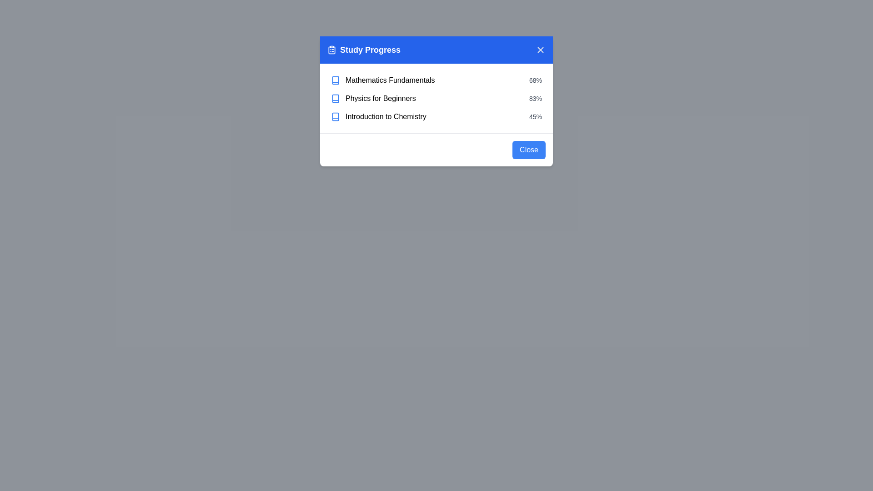 Image resolution: width=873 pixels, height=491 pixels. I want to click on the small interactive close button ('X') located in the top-right corner of the 'Study Progress' dialog box, so click(541, 50).